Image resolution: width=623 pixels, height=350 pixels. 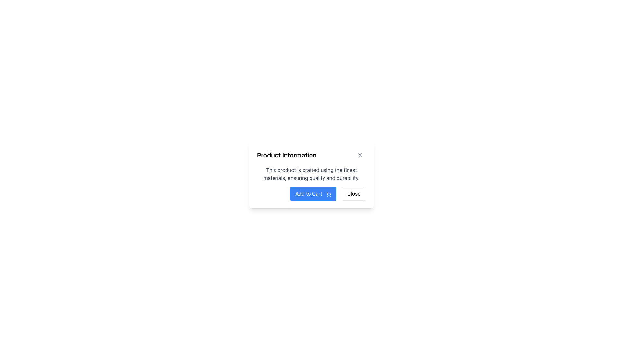 What do you see at coordinates (360, 155) in the screenshot?
I see `the Close Icon Button, which resembles a small 'X' symbol styled with thin gray lines, located in the top-right corner of the modal overlay displaying product information` at bounding box center [360, 155].